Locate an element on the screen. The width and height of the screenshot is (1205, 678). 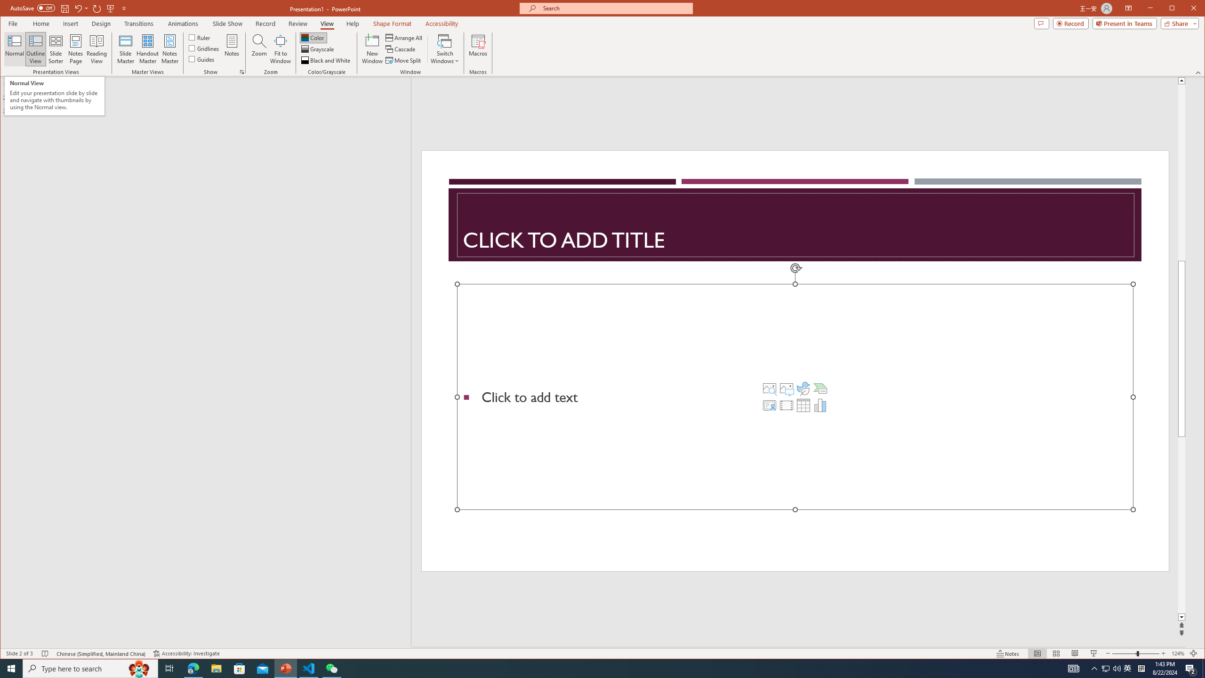
'Macros' is located at coordinates (478, 48).